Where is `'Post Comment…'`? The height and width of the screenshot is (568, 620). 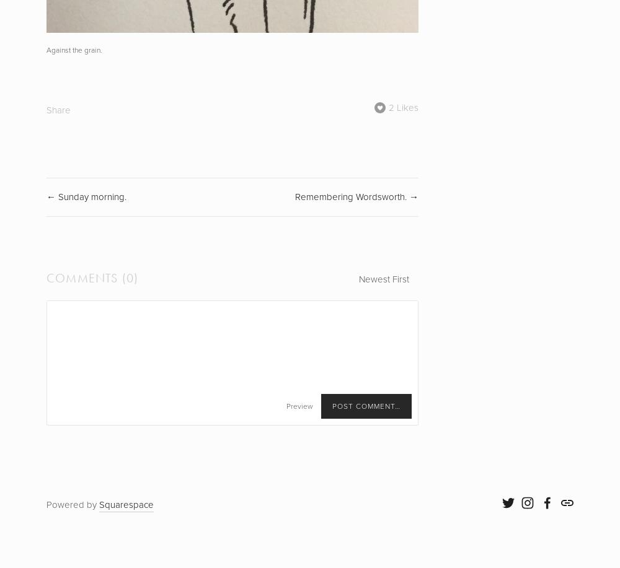
'Post Comment…' is located at coordinates (366, 406).